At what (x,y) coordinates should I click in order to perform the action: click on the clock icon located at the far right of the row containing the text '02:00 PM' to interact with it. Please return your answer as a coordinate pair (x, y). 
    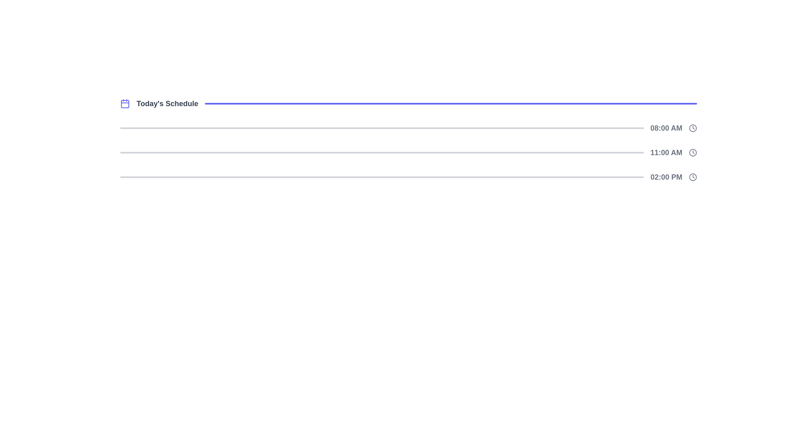
    Looking at the image, I should click on (692, 177).